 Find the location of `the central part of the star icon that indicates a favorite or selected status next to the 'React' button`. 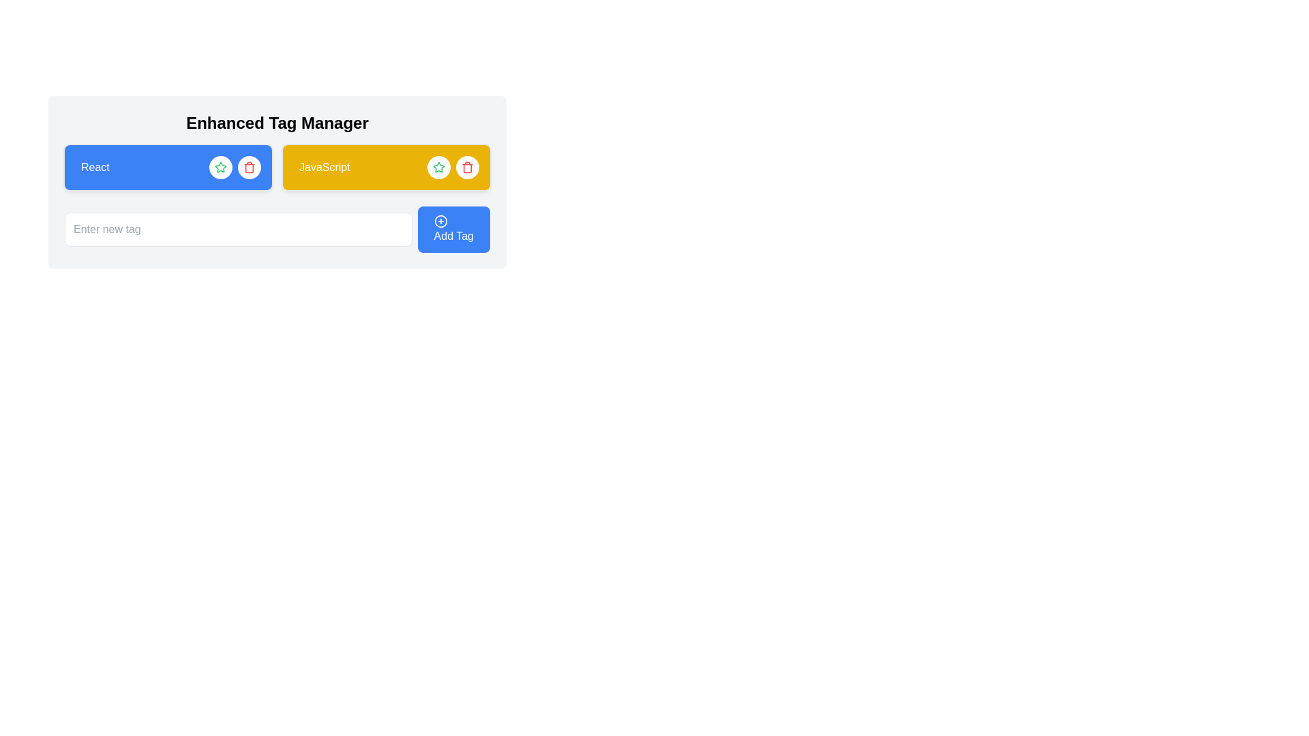

the central part of the star icon that indicates a favorite or selected status next to the 'React' button is located at coordinates (438, 166).